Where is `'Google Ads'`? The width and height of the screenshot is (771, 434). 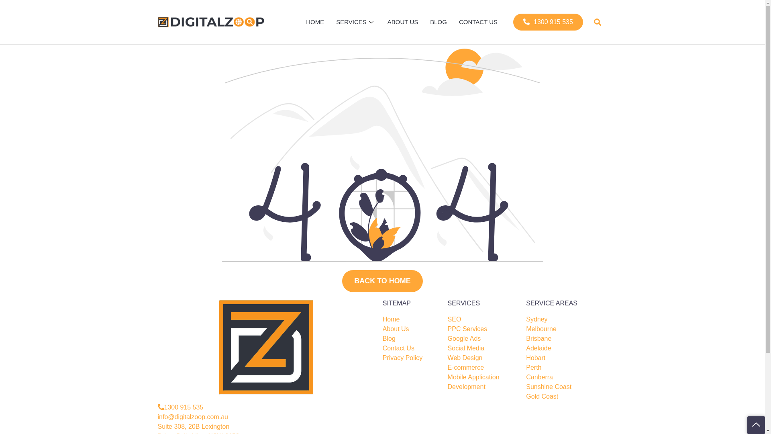 'Google Ads' is located at coordinates (464, 339).